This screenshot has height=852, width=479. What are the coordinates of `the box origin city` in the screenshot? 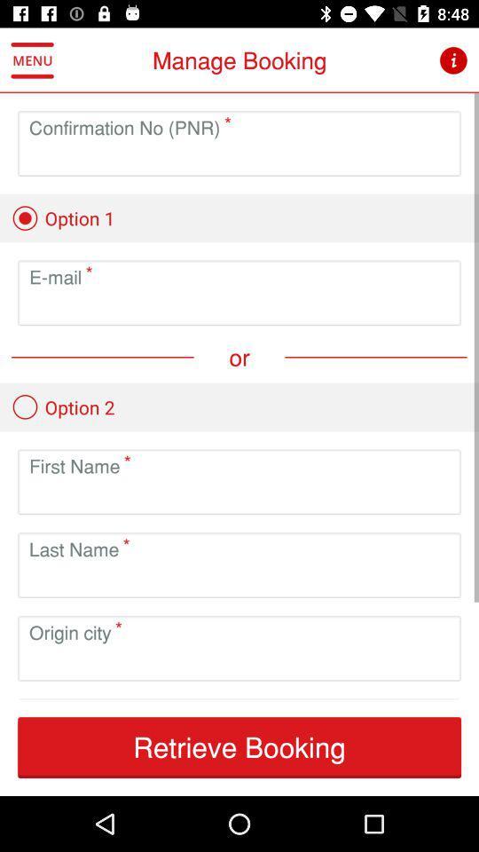 It's located at (239, 661).